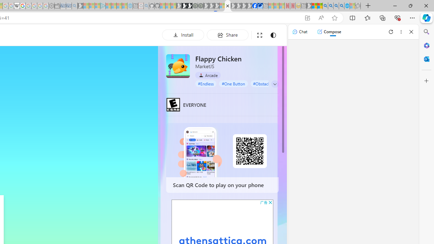  I want to click on 'Play Zoo Boom in your browser | Games from Microsoft Start', so click(184, 6).